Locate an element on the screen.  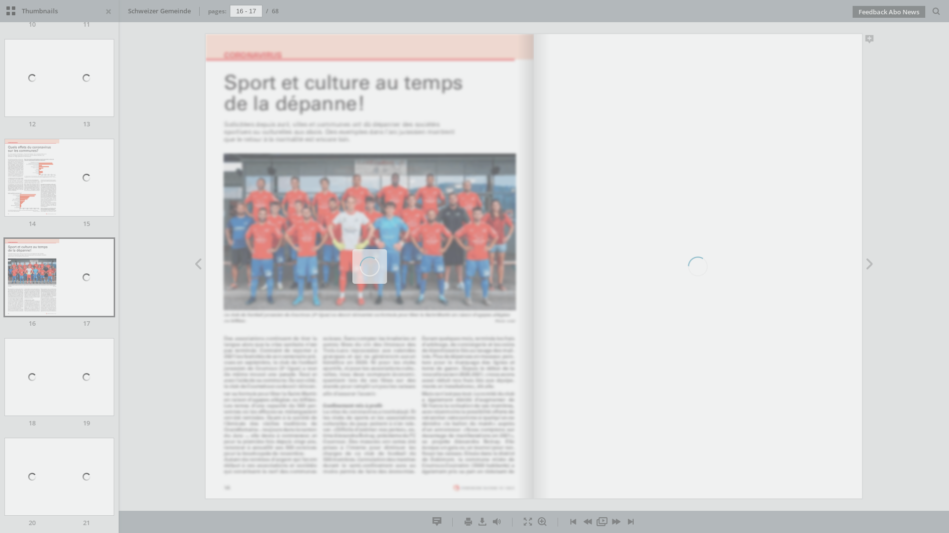
'Search' is located at coordinates (936, 11).